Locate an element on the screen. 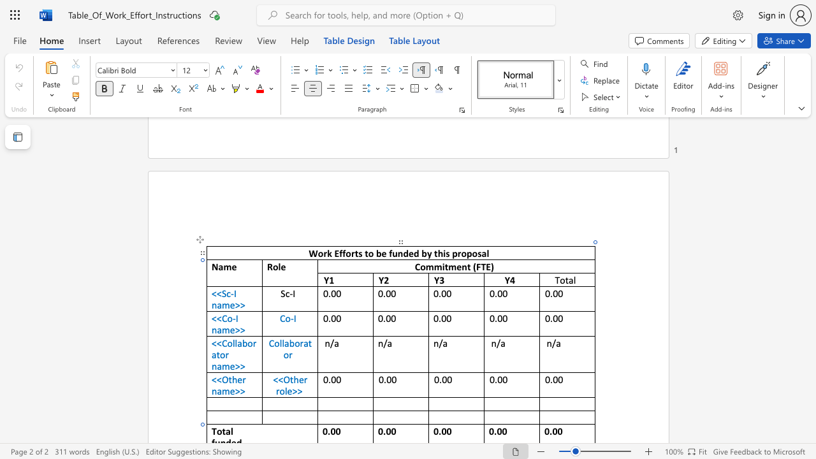 This screenshot has width=816, height=459. the space between the continuous character "n" and "a" in the text is located at coordinates (217, 305).